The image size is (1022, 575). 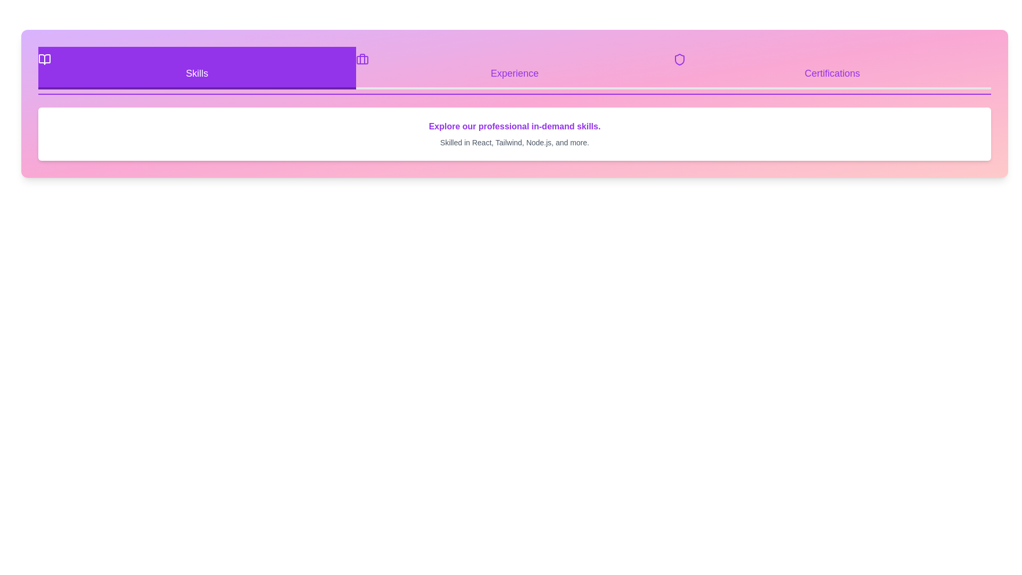 What do you see at coordinates (831, 68) in the screenshot?
I see `the Certifications tab by clicking on its button` at bounding box center [831, 68].